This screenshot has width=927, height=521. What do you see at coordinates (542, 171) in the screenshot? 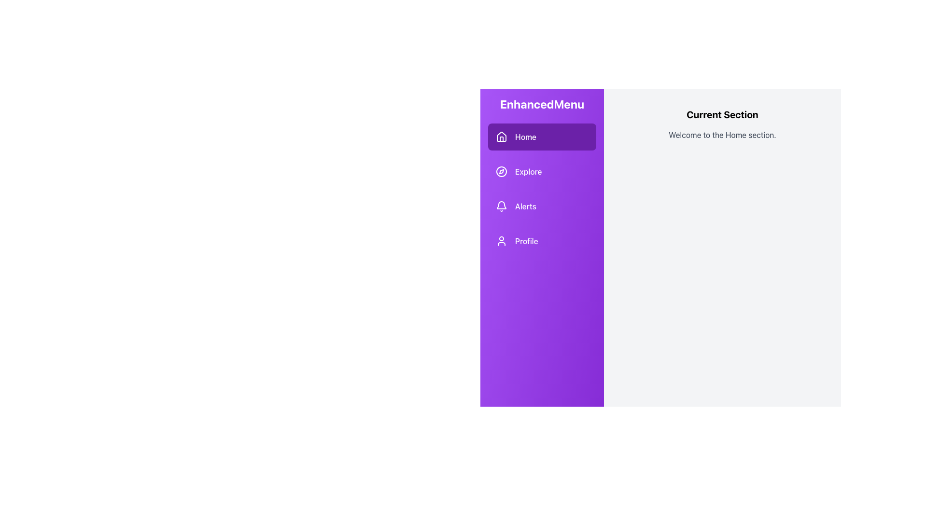
I see `the 'Explore' navigation button, which is the second option in the vertical menu list, located below the 'Home' option and above the 'Alerts' option` at bounding box center [542, 171].